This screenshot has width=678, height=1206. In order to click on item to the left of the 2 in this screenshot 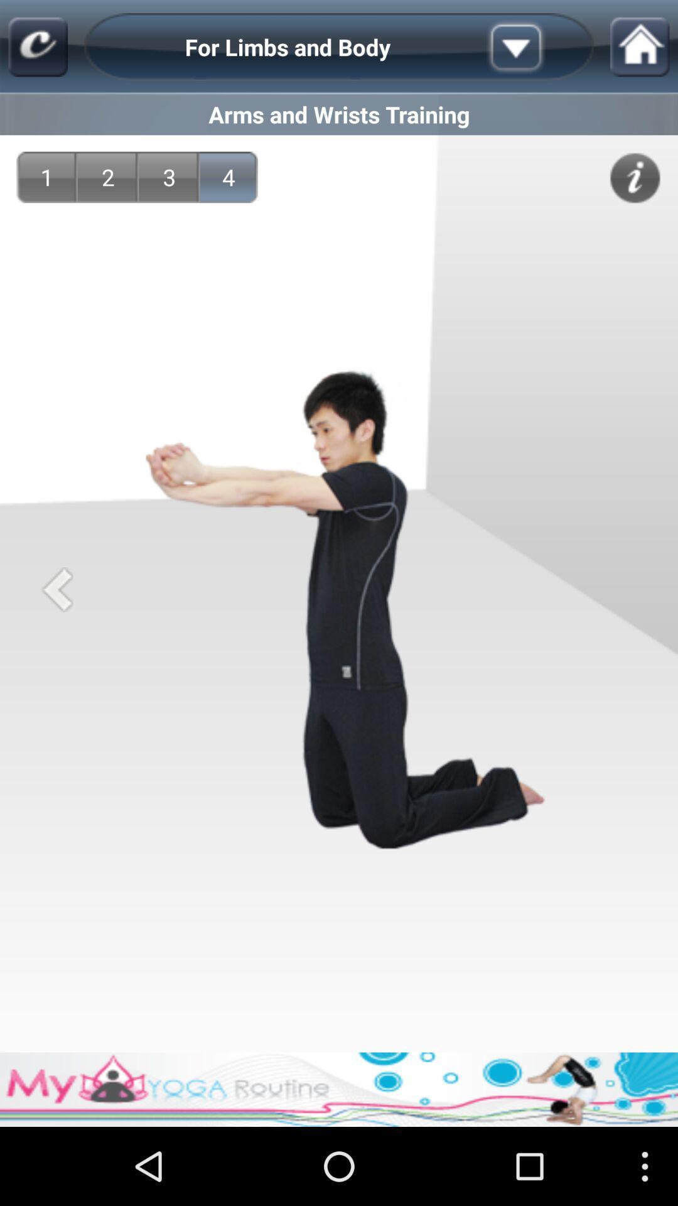, I will do `click(46, 177)`.